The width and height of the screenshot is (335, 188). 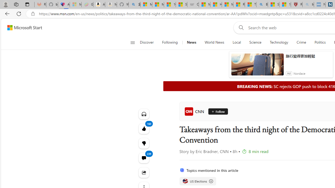 I want to click on 'Technology', so click(x=278, y=42).